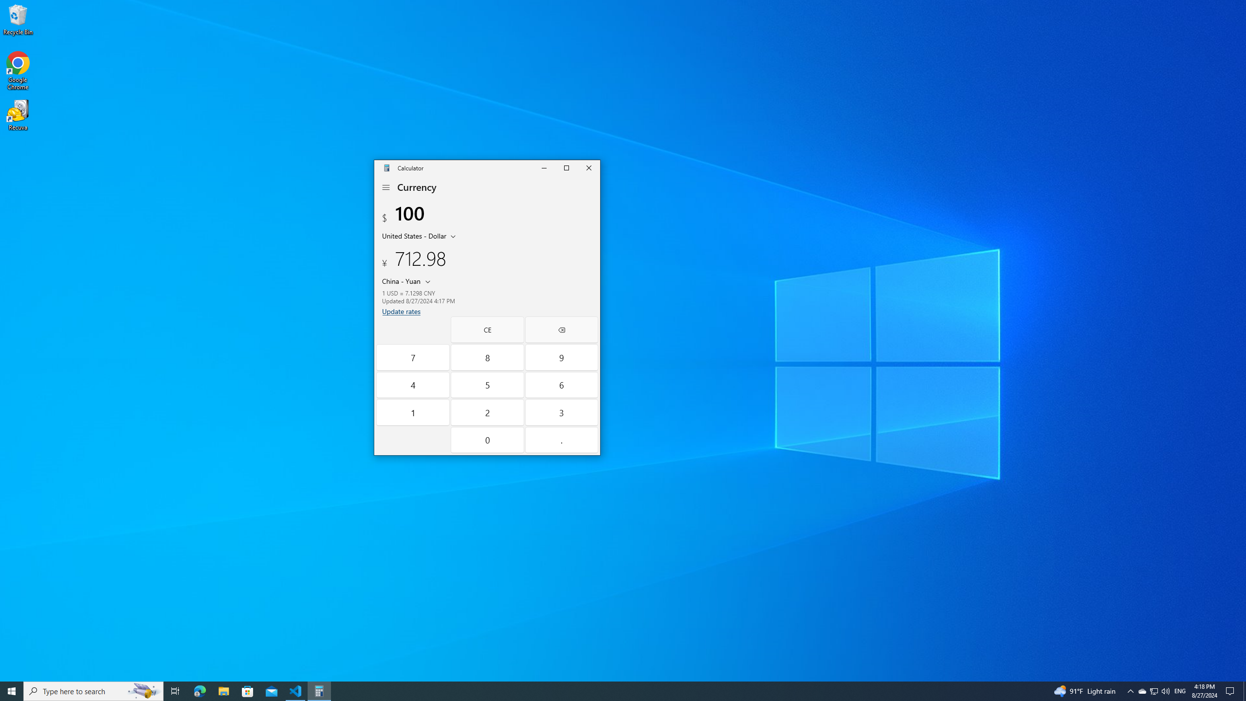  Describe the element at coordinates (93, 690) in the screenshot. I see `'Type here to search'` at that location.